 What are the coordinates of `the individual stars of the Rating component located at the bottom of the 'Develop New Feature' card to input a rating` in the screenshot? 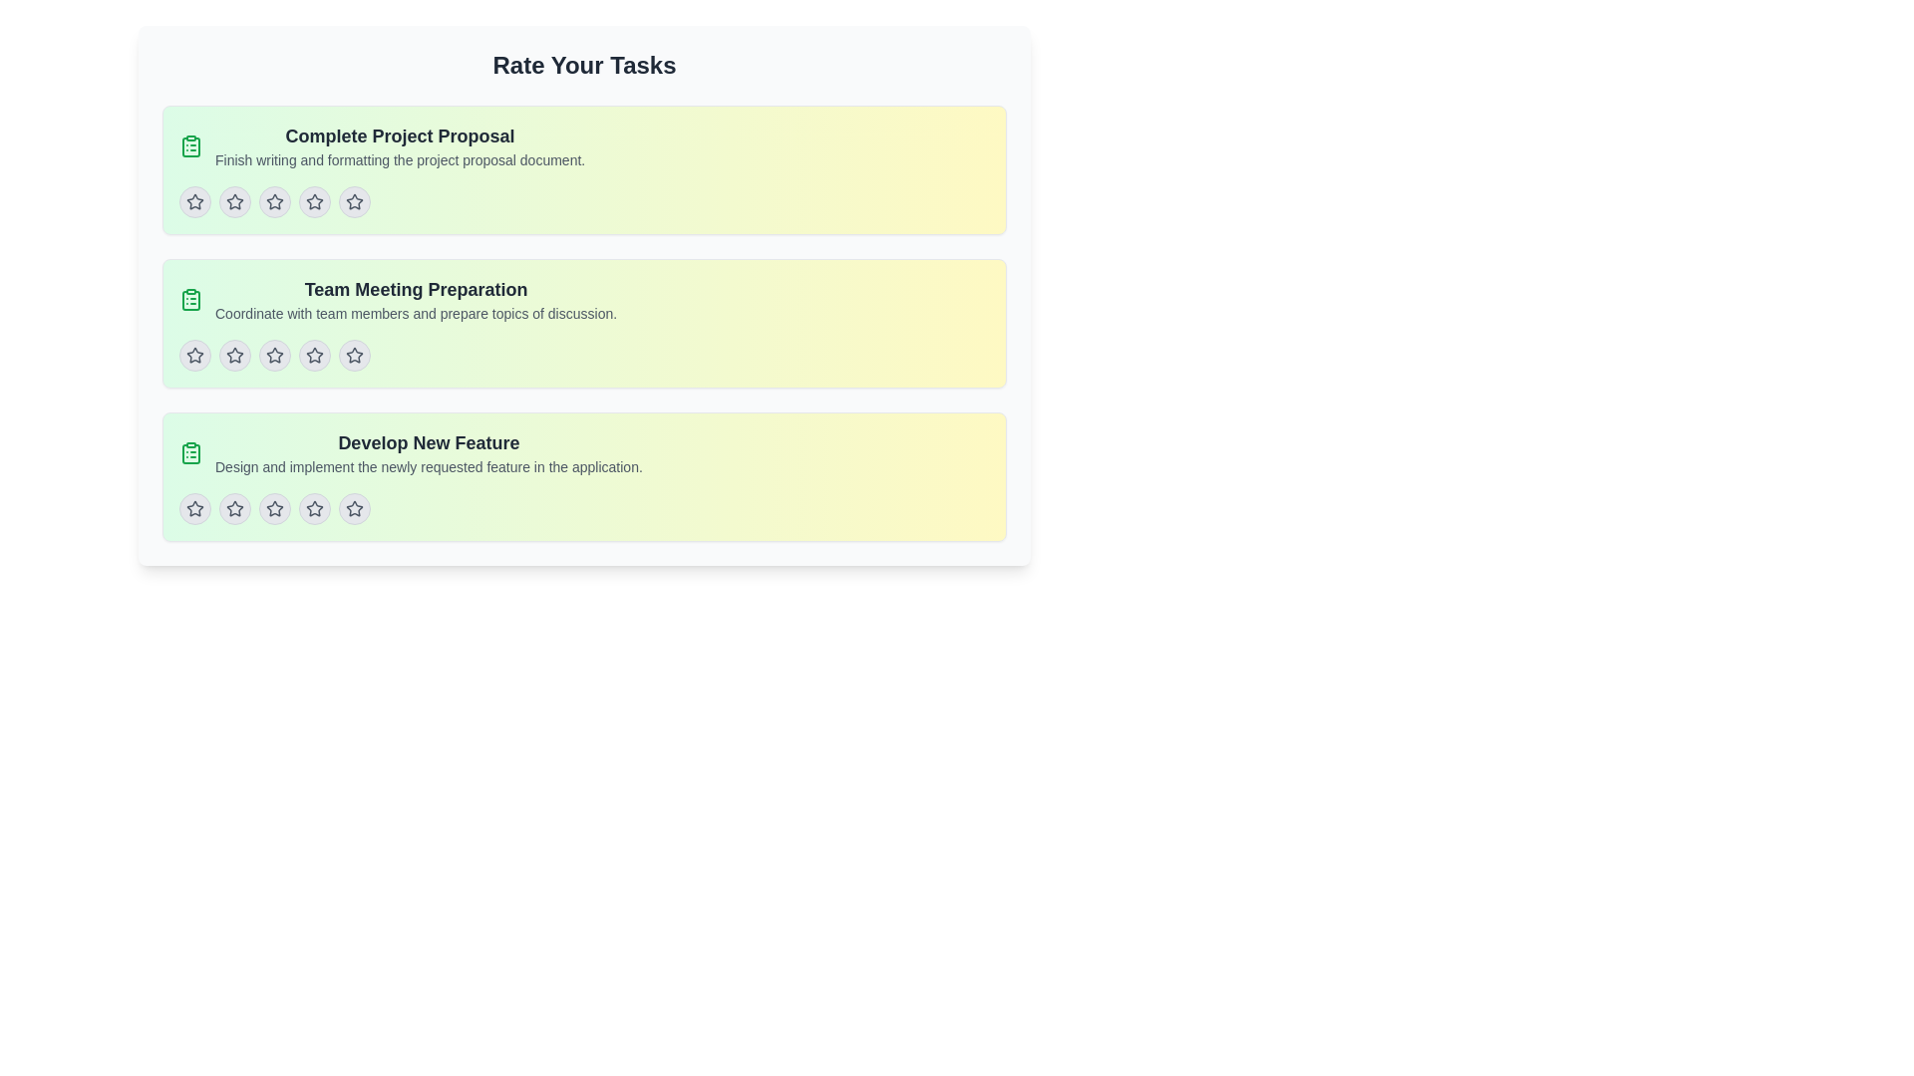 It's located at (583, 507).